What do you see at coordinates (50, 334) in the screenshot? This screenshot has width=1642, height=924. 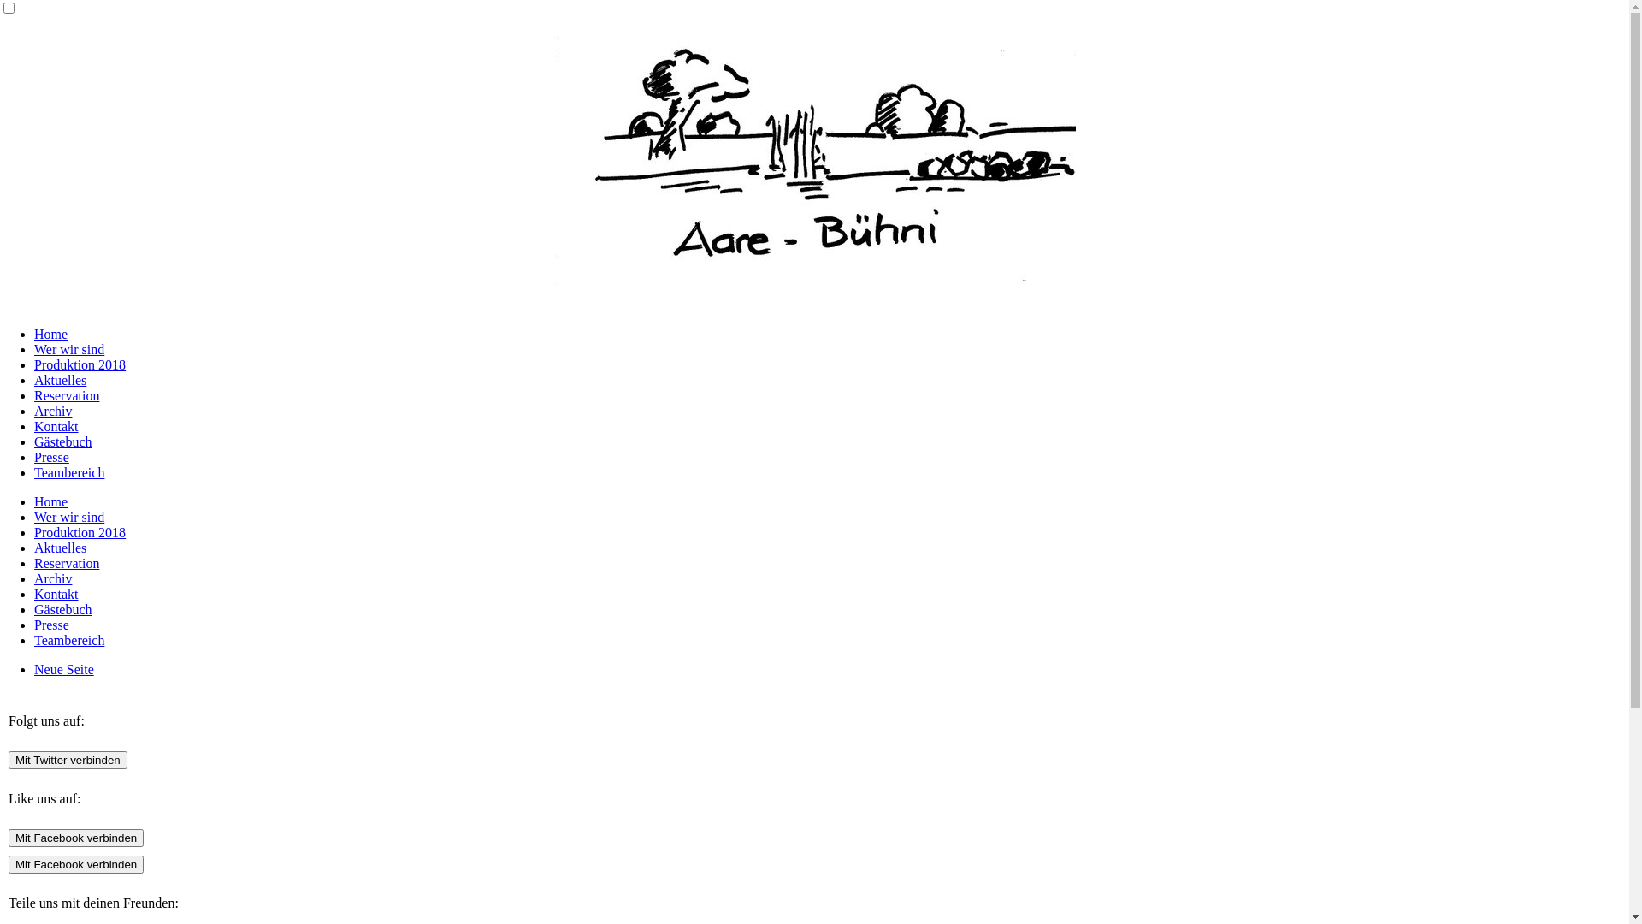 I see `'Home'` at bounding box center [50, 334].